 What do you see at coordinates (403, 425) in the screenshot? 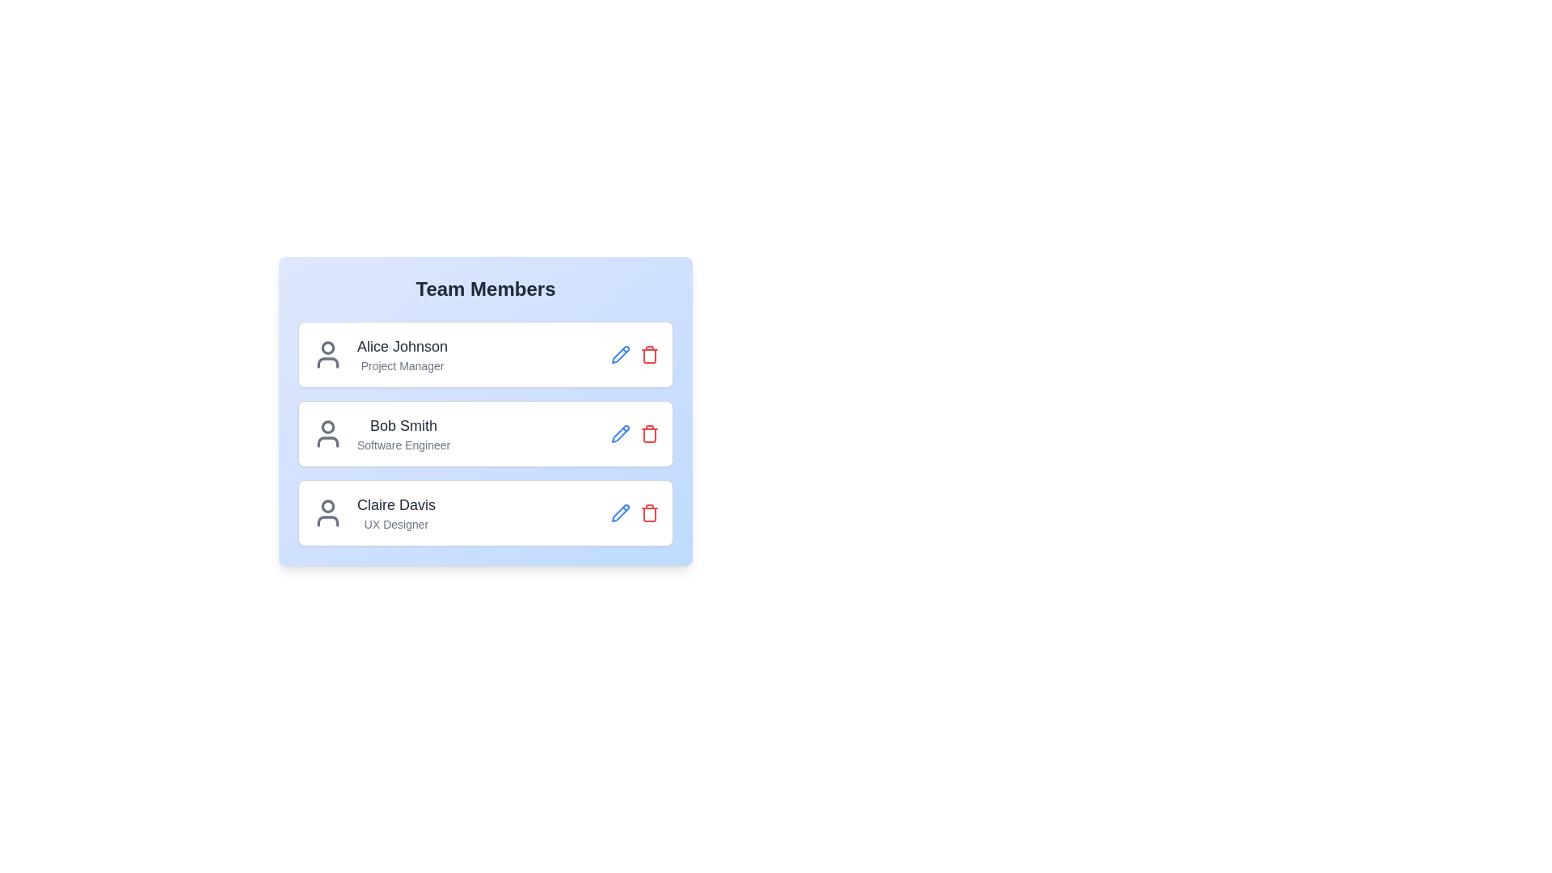
I see `the text of the team member's name Bob Smith` at bounding box center [403, 425].